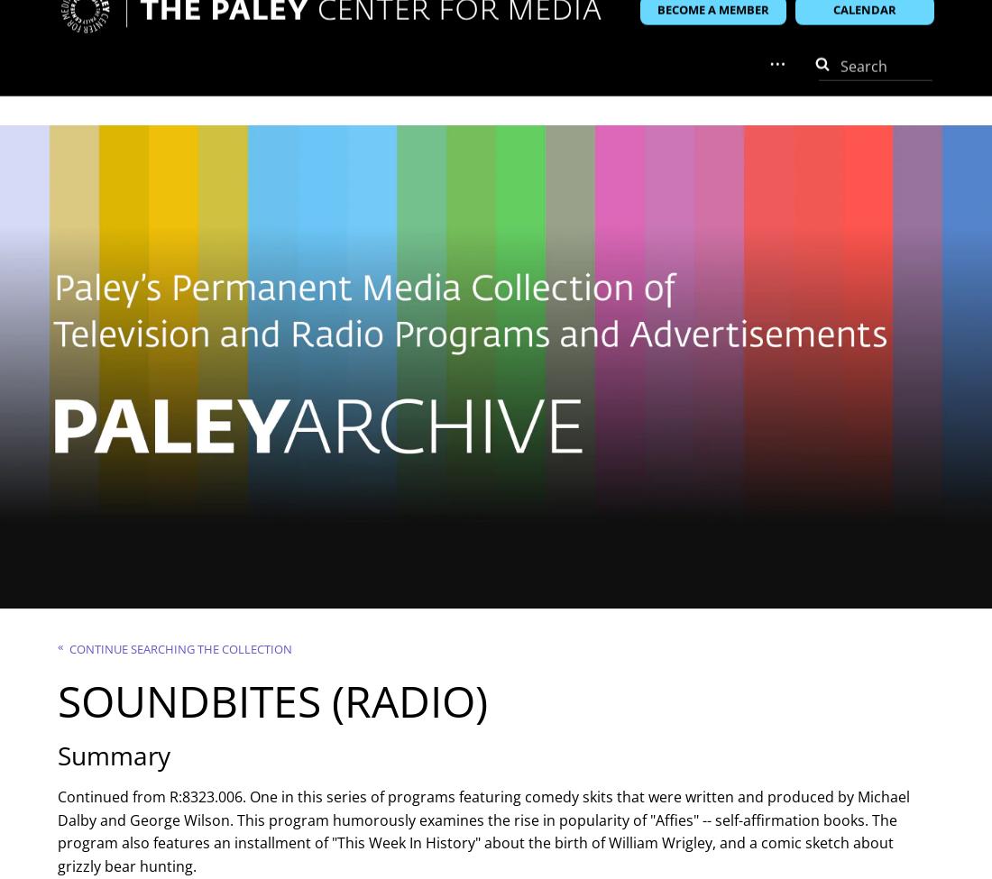 Image resolution: width=992 pixels, height=879 pixels. Describe the element at coordinates (87, 91) in the screenshot. I see `'Visit'` at that location.